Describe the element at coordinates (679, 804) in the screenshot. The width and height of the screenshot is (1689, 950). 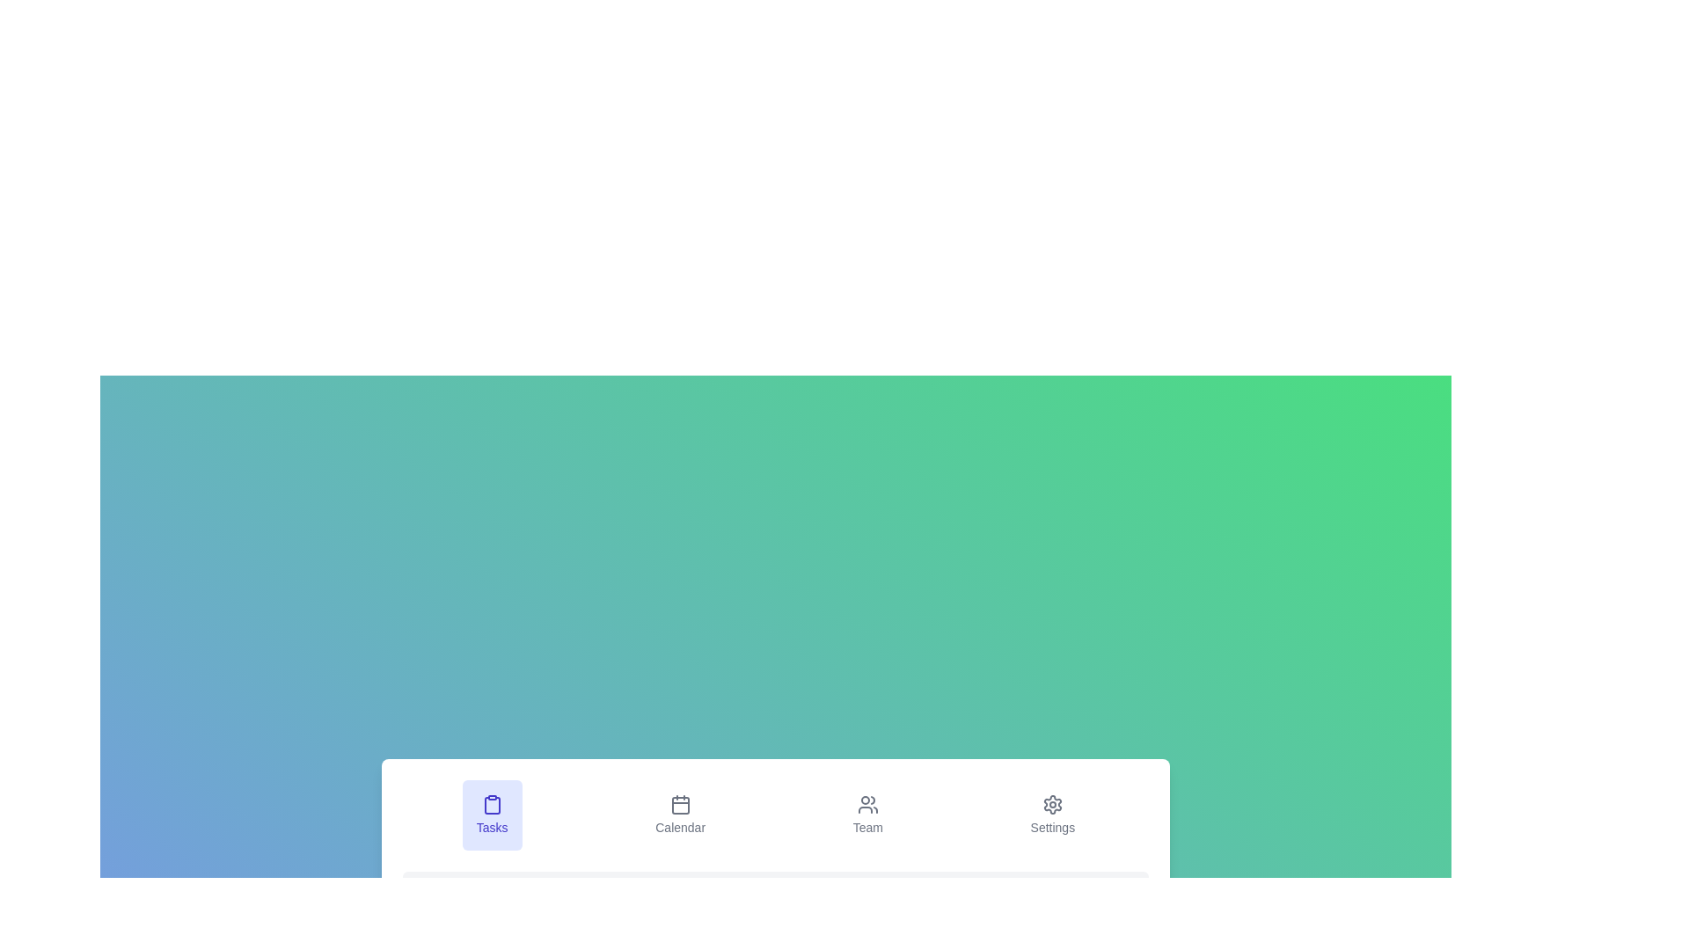
I see `the calendar-shaped icon in the navigational menu at the bottom of the interface, which is the second item labeled 'Calendar'` at that location.